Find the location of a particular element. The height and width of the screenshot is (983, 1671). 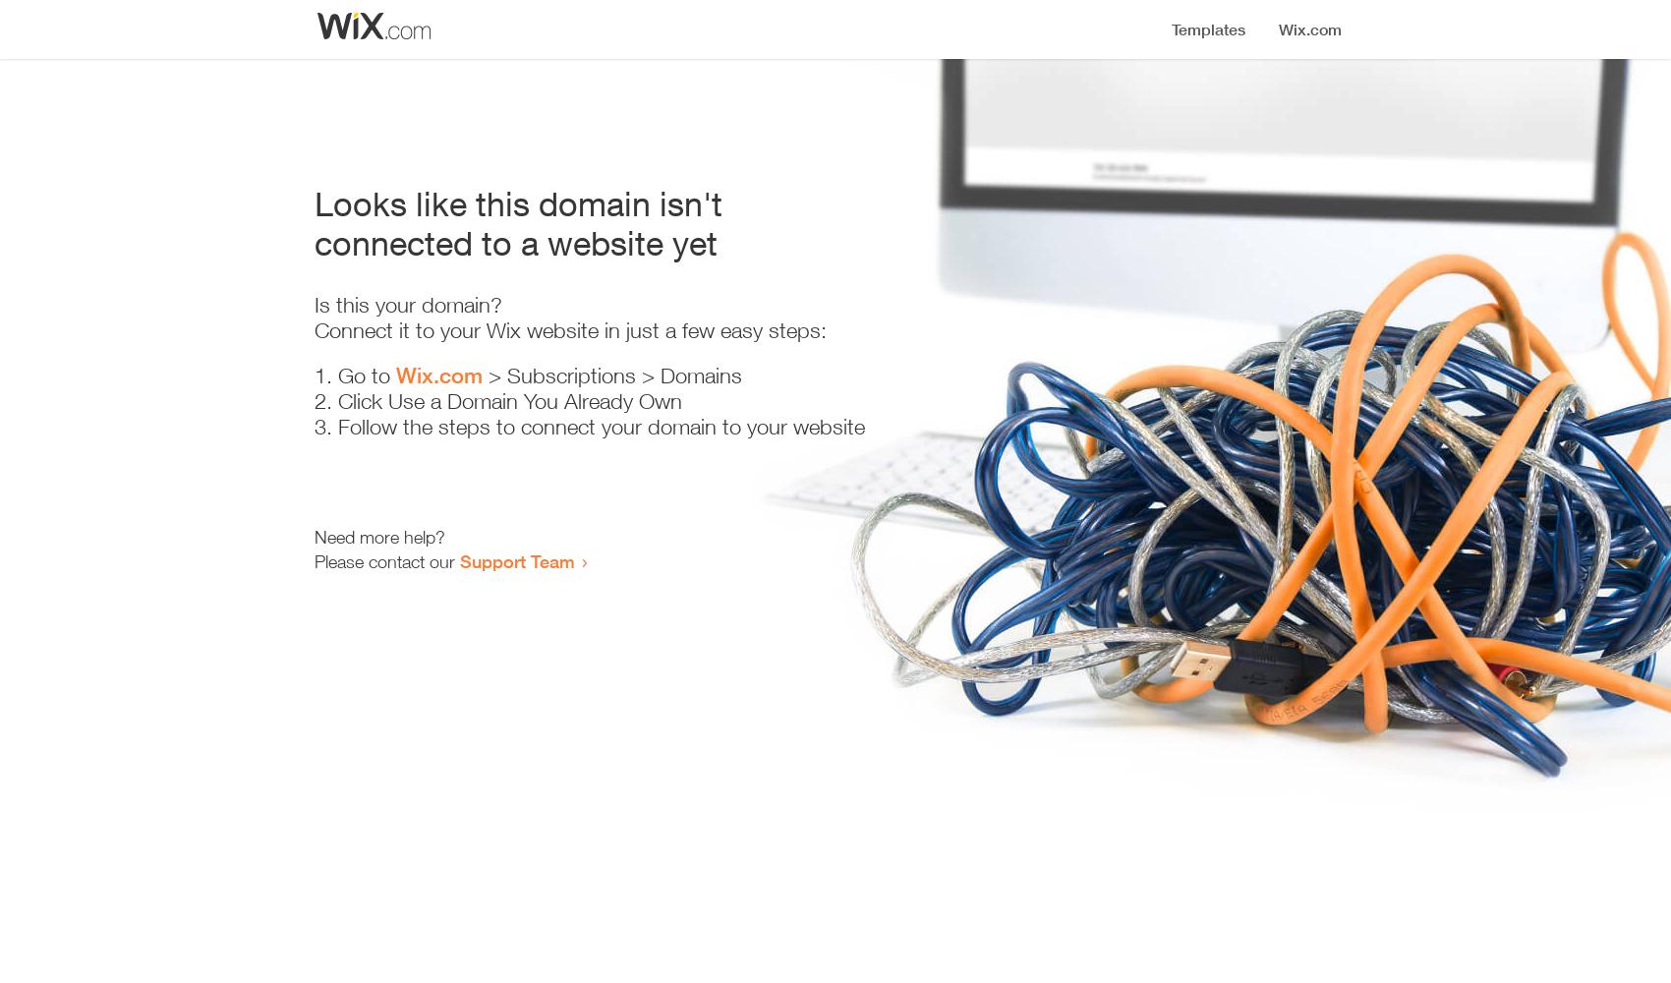

'Go to' is located at coordinates (366, 376).